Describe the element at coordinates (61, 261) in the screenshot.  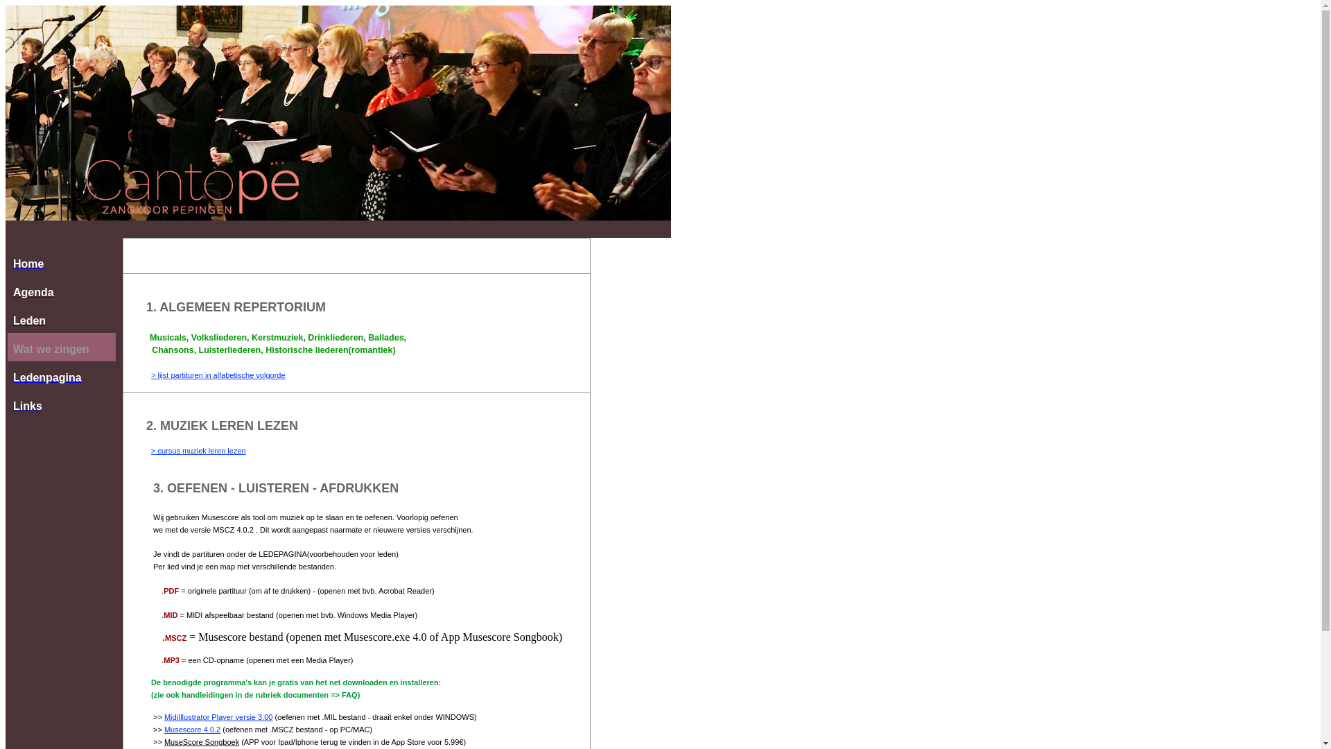
I see `'Home'` at that location.